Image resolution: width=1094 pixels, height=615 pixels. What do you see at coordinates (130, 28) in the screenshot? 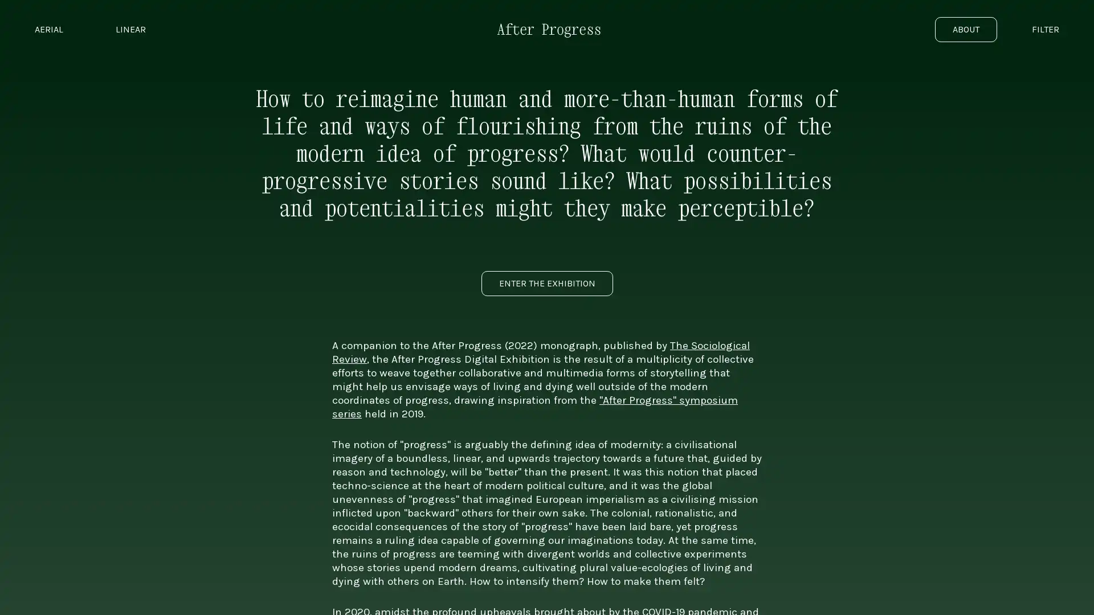
I see `LINEAR` at bounding box center [130, 28].